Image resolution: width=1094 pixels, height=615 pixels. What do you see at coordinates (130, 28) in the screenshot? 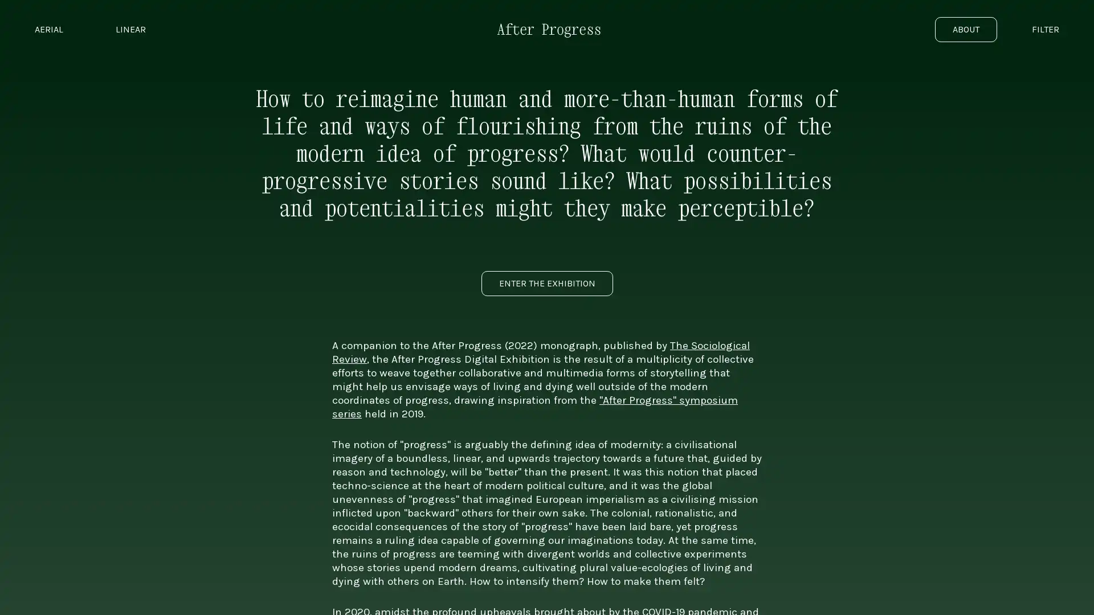
I see `LINEAR` at bounding box center [130, 28].